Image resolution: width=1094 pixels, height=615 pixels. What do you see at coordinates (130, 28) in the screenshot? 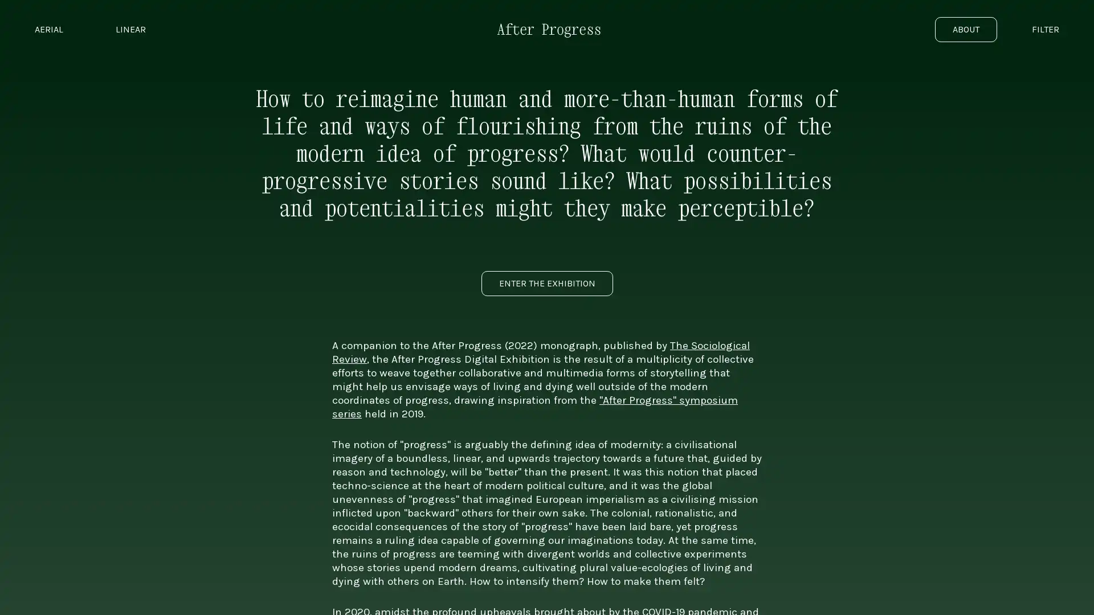
I see `LINEAR` at bounding box center [130, 28].